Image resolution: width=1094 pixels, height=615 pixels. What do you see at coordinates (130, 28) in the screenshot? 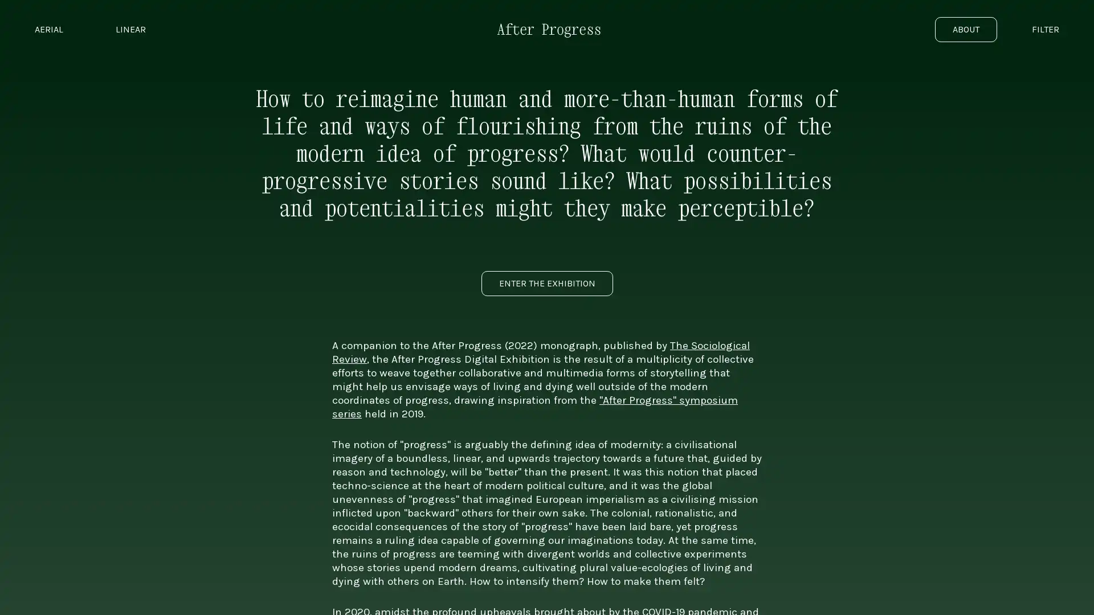
I see `LINEAR` at bounding box center [130, 28].